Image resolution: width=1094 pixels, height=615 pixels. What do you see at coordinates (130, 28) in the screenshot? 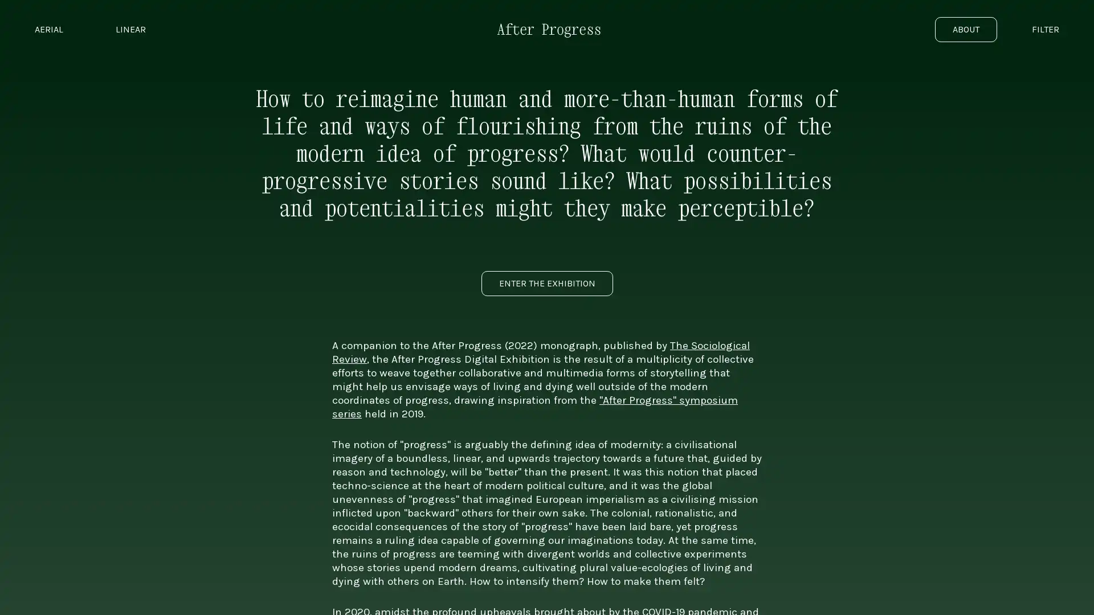
I see `LINEAR` at bounding box center [130, 28].